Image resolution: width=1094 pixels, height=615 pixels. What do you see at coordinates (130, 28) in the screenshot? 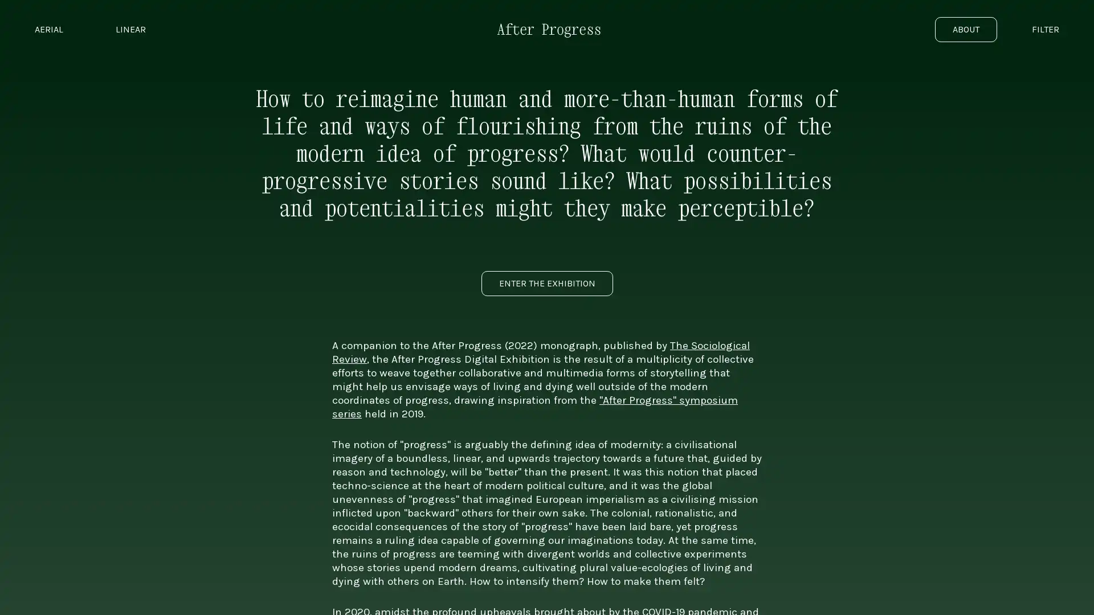
I see `LINEAR` at bounding box center [130, 28].